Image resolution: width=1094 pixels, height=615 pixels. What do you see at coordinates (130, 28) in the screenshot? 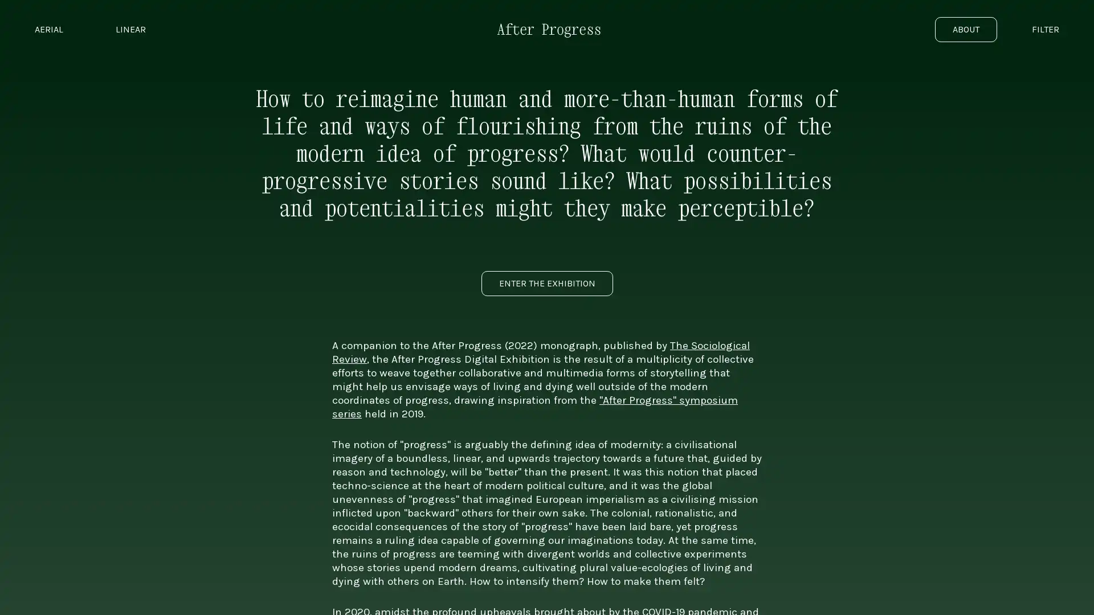
I see `LINEAR` at bounding box center [130, 28].